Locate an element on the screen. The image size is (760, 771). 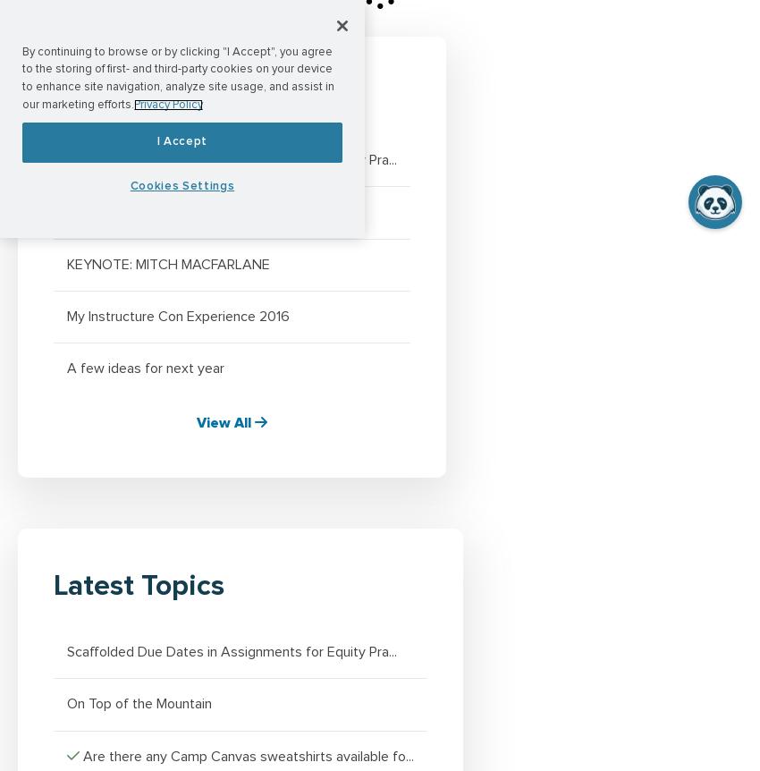
'Unanswered Topics' is located at coordinates (179, 92).